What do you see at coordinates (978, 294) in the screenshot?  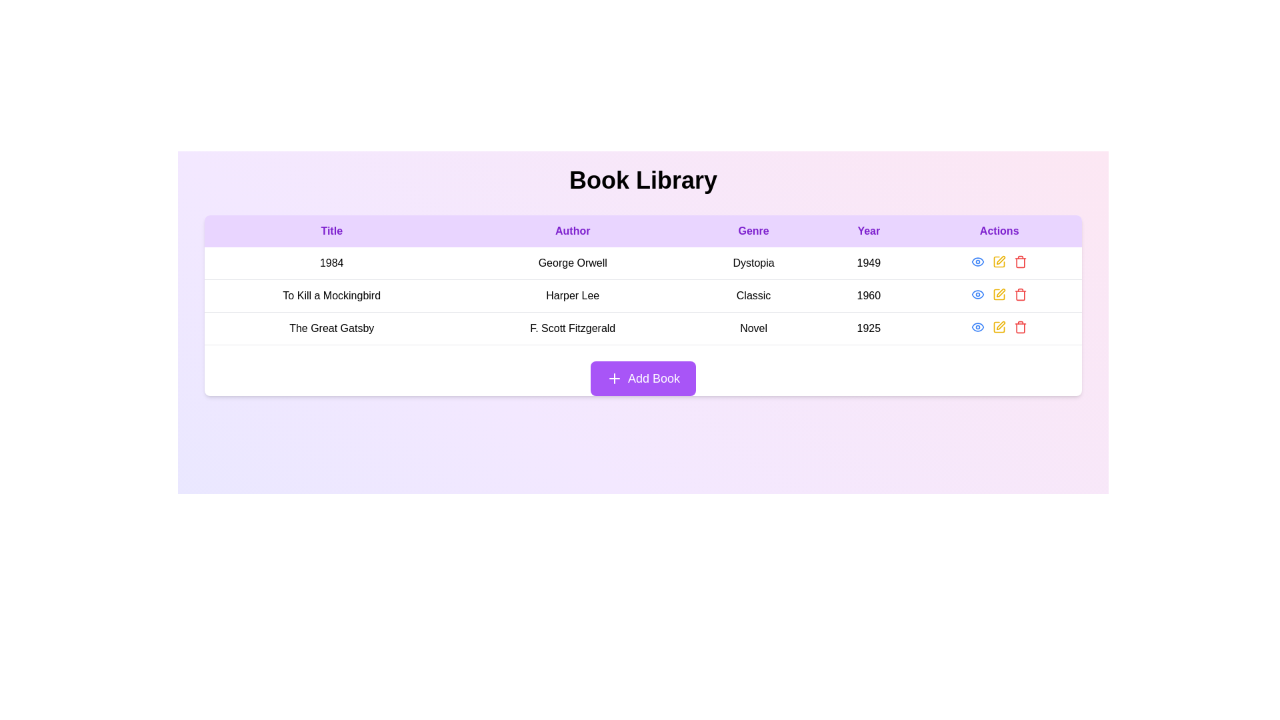 I see `the preview icon in the 'Actions' column of the second row for the book 'To Kill a Mockingbird'` at bounding box center [978, 294].